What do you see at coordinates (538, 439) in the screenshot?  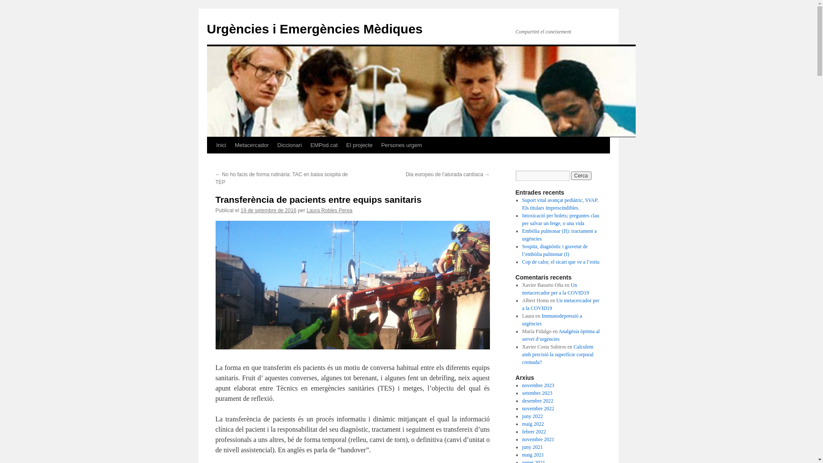 I see `'novembre 2021'` at bounding box center [538, 439].